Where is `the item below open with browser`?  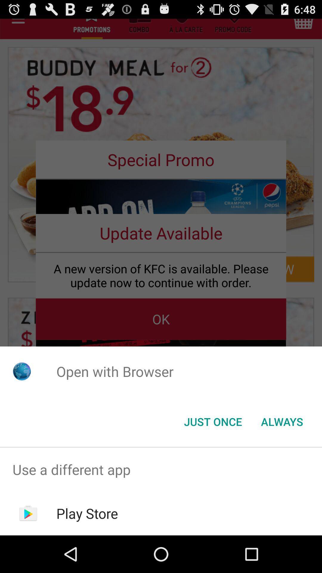
the item below open with browser is located at coordinates (282, 421).